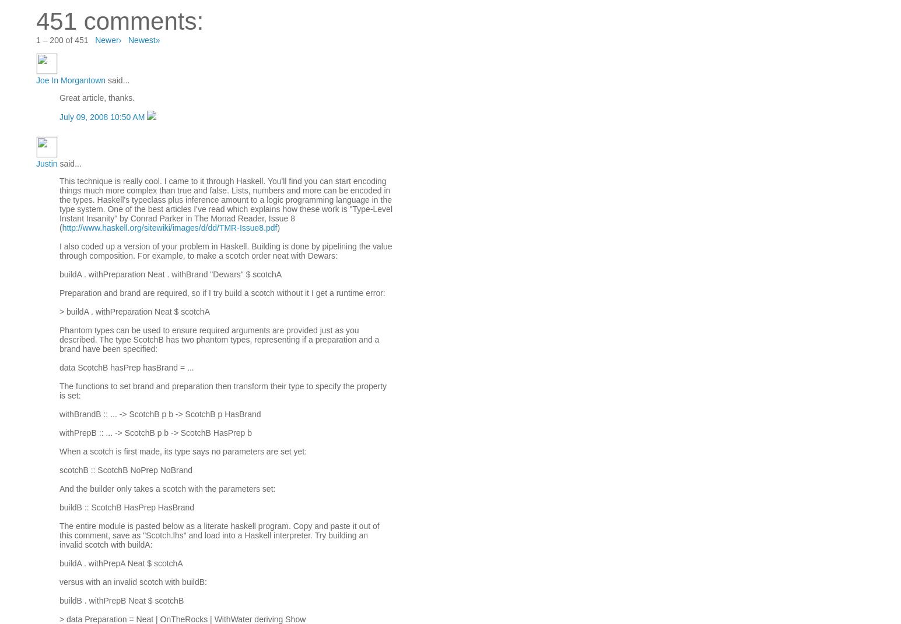 This screenshot has width=901, height=624. Describe the element at coordinates (182, 450) in the screenshot. I see `'When a scotch is first made, its type says no parameters are set yet:'` at that location.